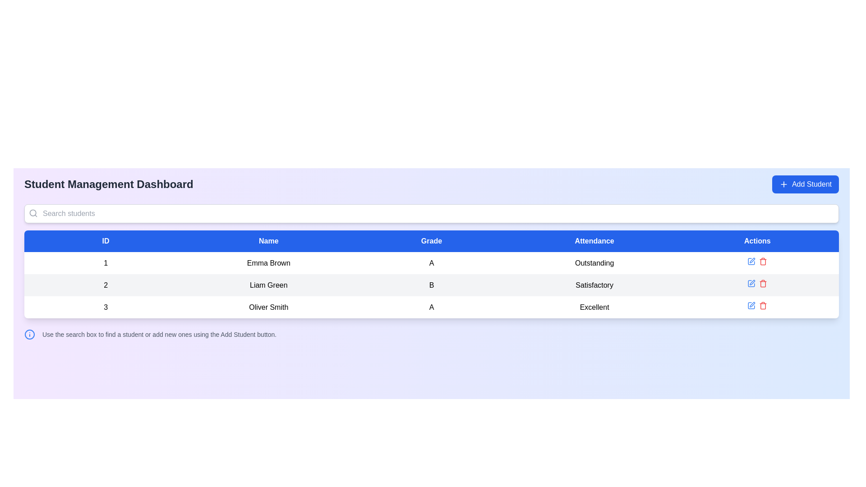 The image size is (866, 487). I want to click on the delete icon button located in the 'Actions' column of the third row in the 'Student Management Dashboard', so click(763, 261).